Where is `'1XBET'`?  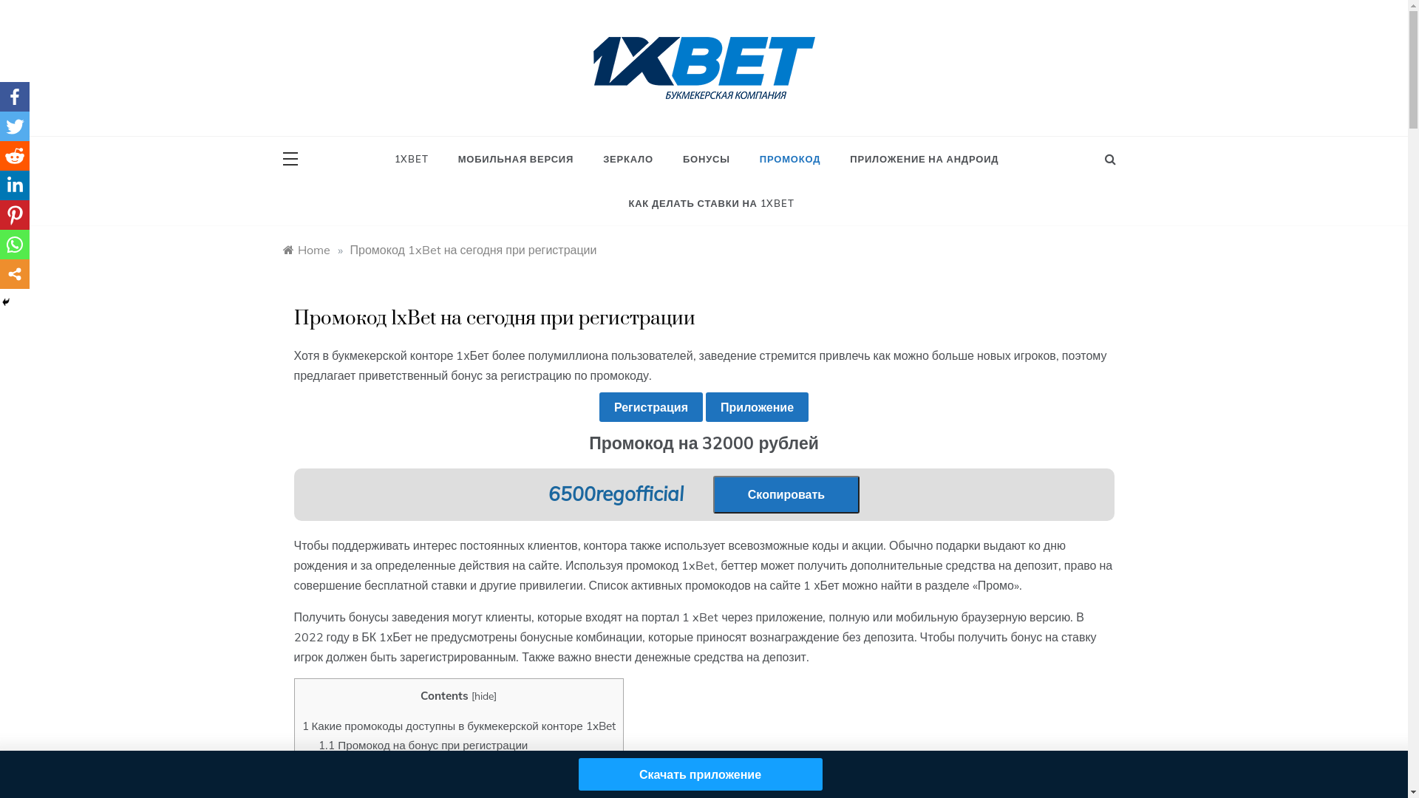 '1XBET' is located at coordinates (418, 159).